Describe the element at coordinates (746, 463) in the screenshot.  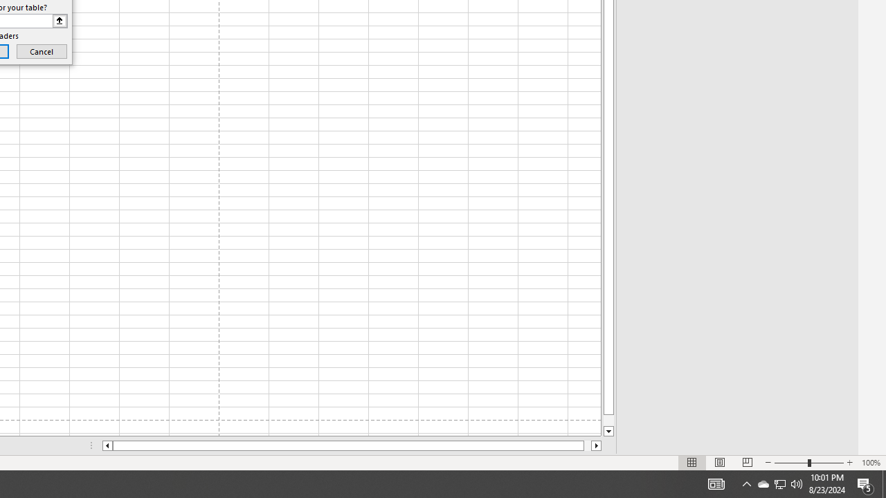
I see `'Page Break Preview'` at that location.